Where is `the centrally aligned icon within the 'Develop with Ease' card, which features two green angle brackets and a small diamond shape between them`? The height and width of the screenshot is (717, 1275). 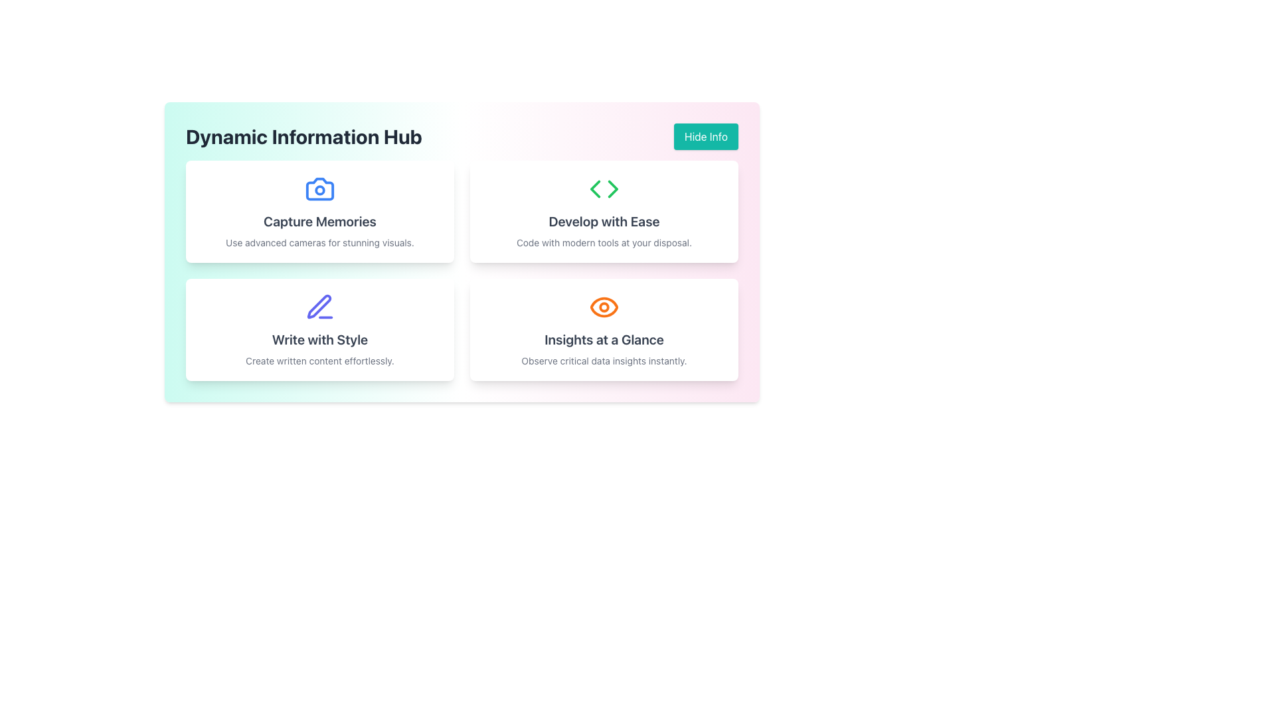
the centrally aligned icon within the 'Develop with Ease' card, which features two green angle brackets and a small diamond shape between them is located at coordinates (604, 189).